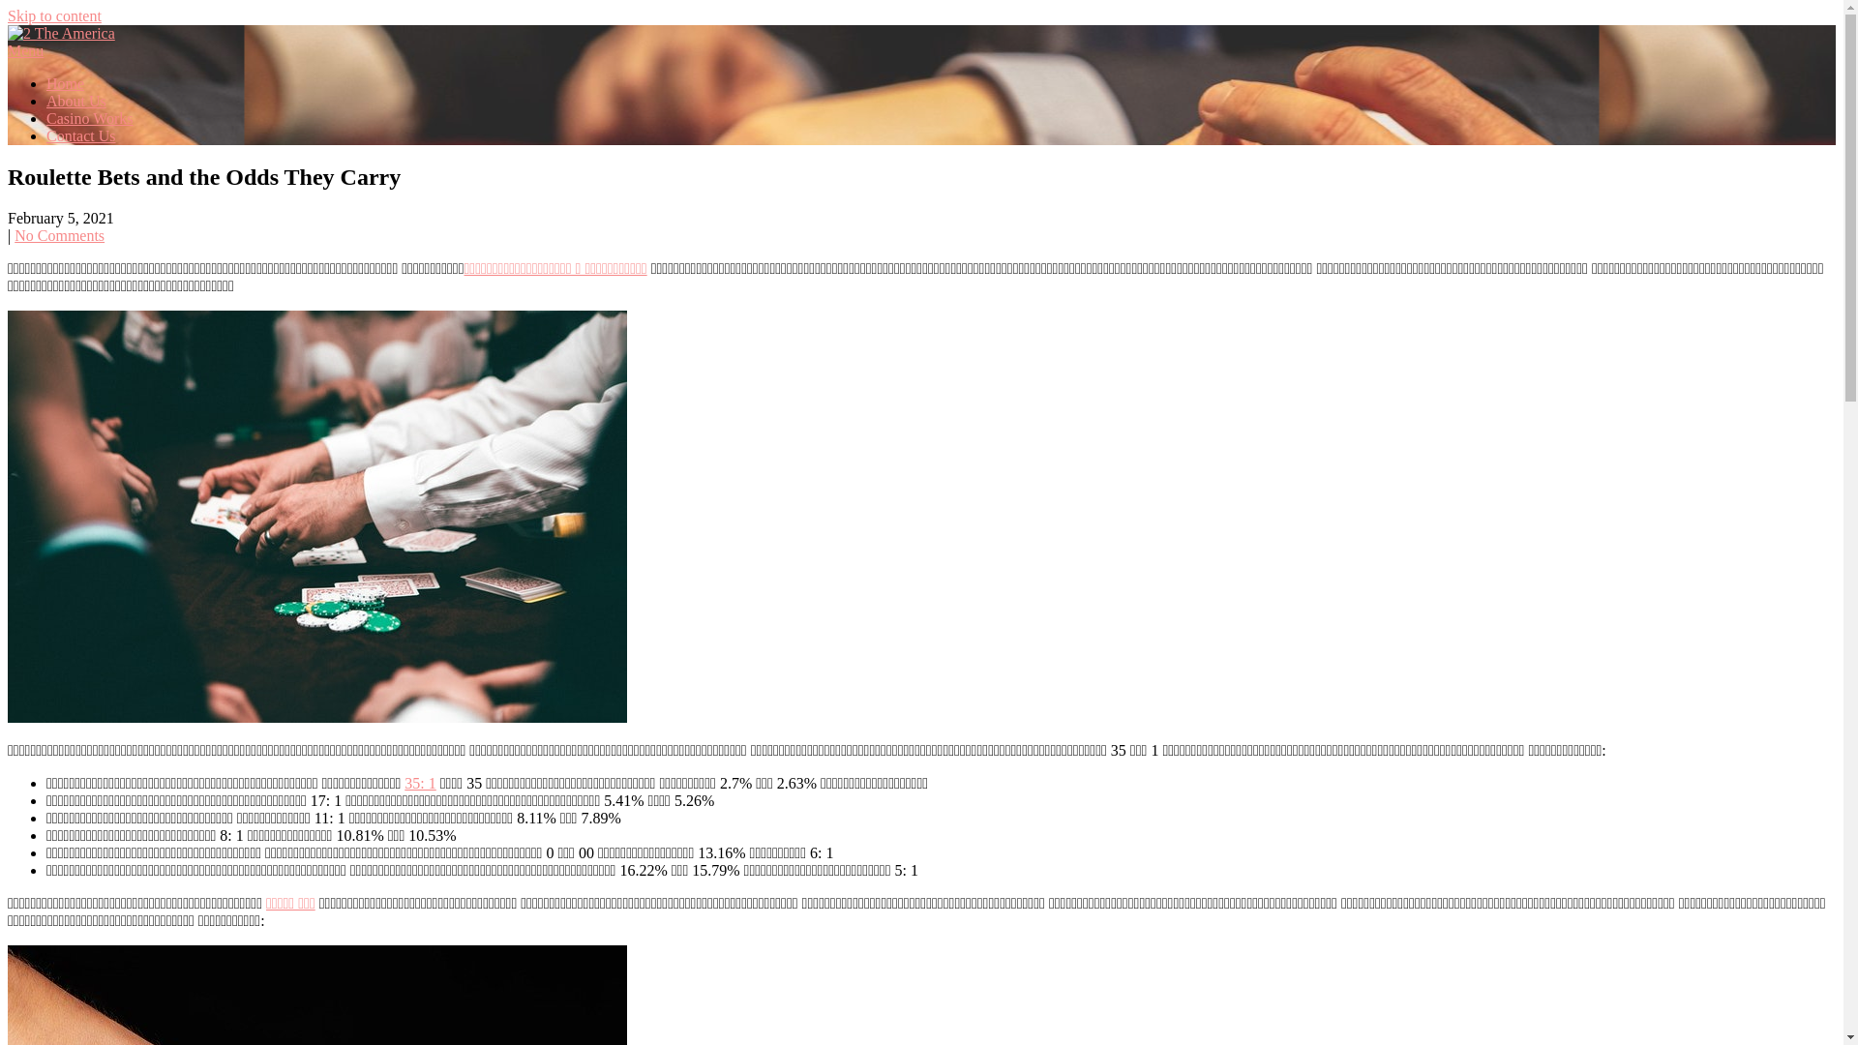 The image size is (1858, 1045). I want to click on 'Home', so click(65, 82).